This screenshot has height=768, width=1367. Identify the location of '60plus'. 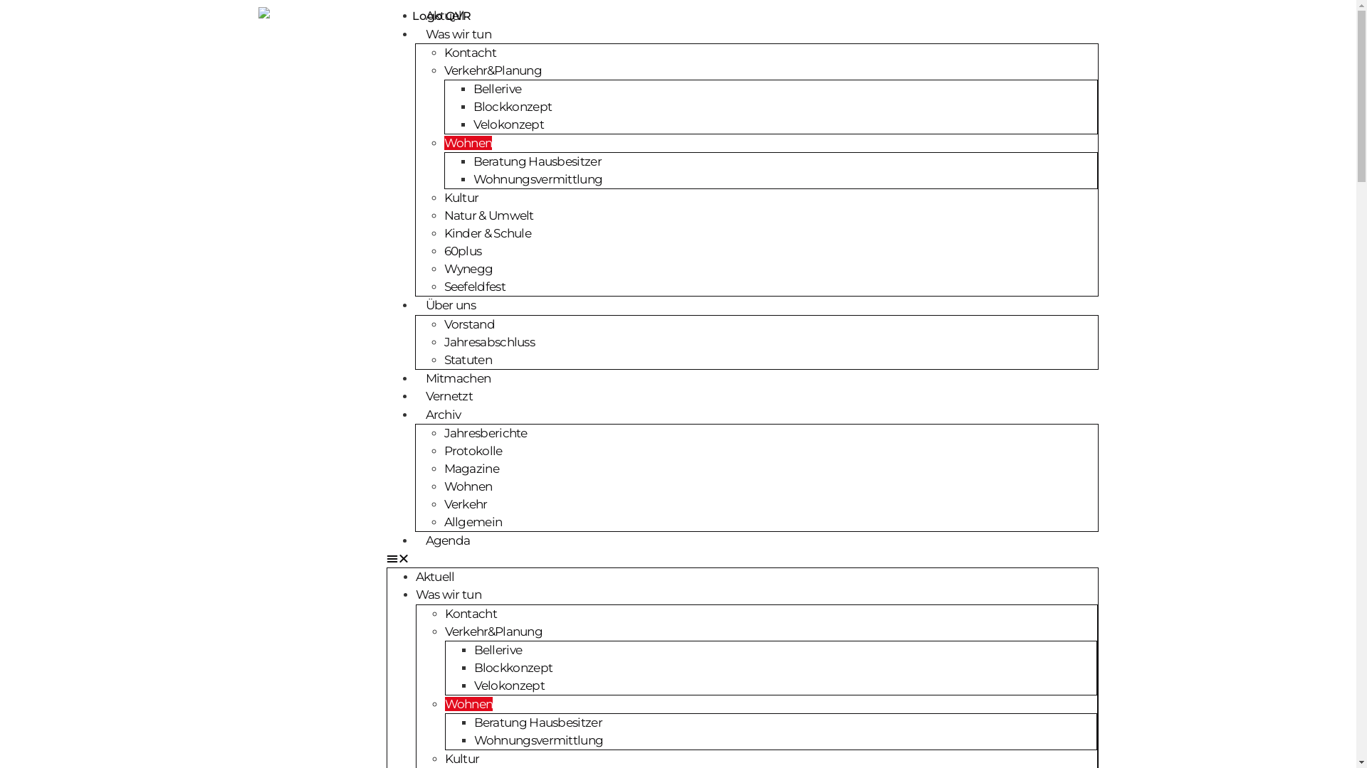
(444, 250).